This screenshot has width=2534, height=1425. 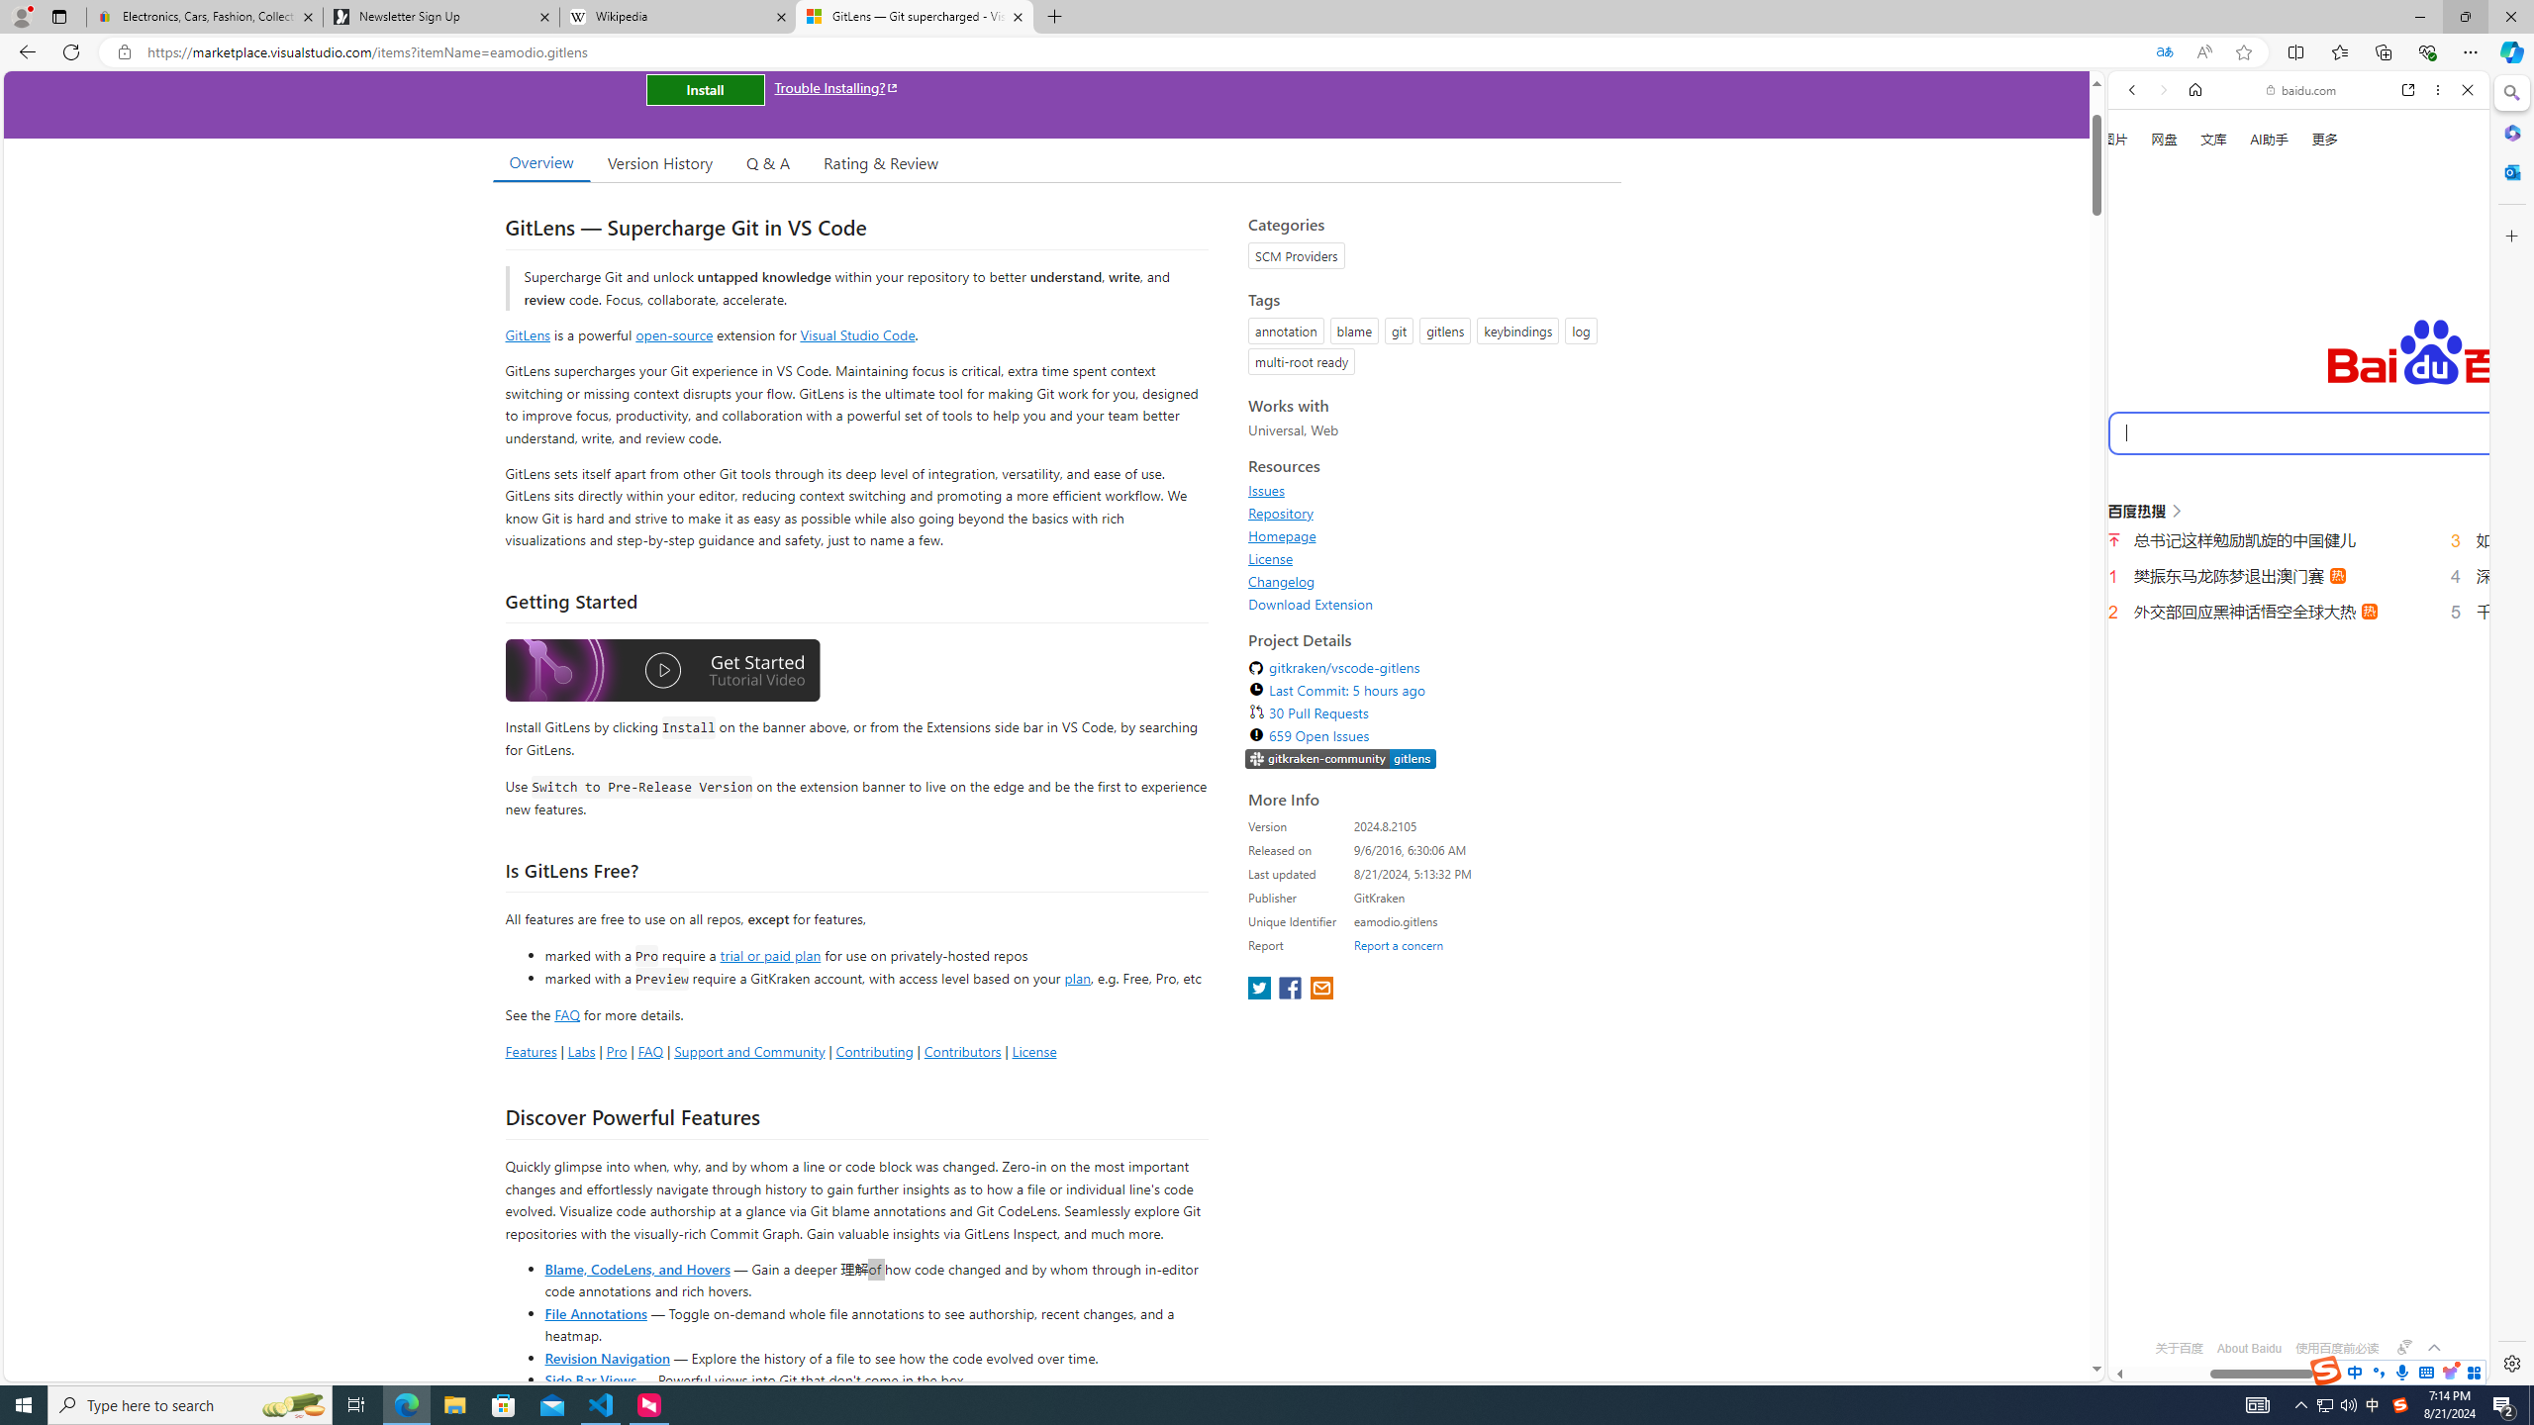 What do you see at coordinates (661, 674) in the screenshot?
I see `'Watch the GitLens Getting Started video'` at bounding box center [661, 674].